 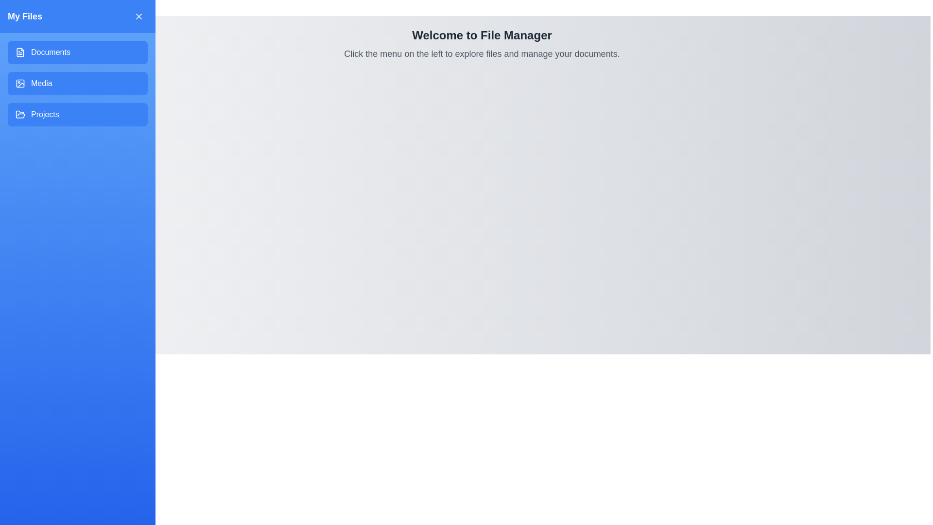 What do you see at coordinates (77, 52) in the screenshot?
I see `the Documents category item in the FileManagerDrawer` at bounding box center [77, 52].